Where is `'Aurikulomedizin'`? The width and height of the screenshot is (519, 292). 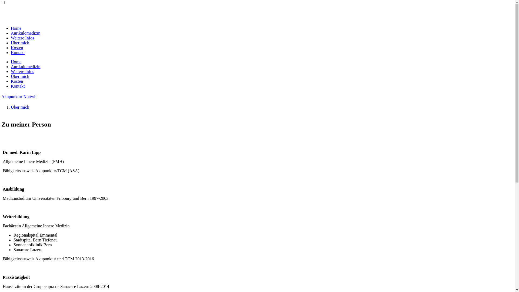
'Aurikulomedizin' is located at coordinates (25, 33).